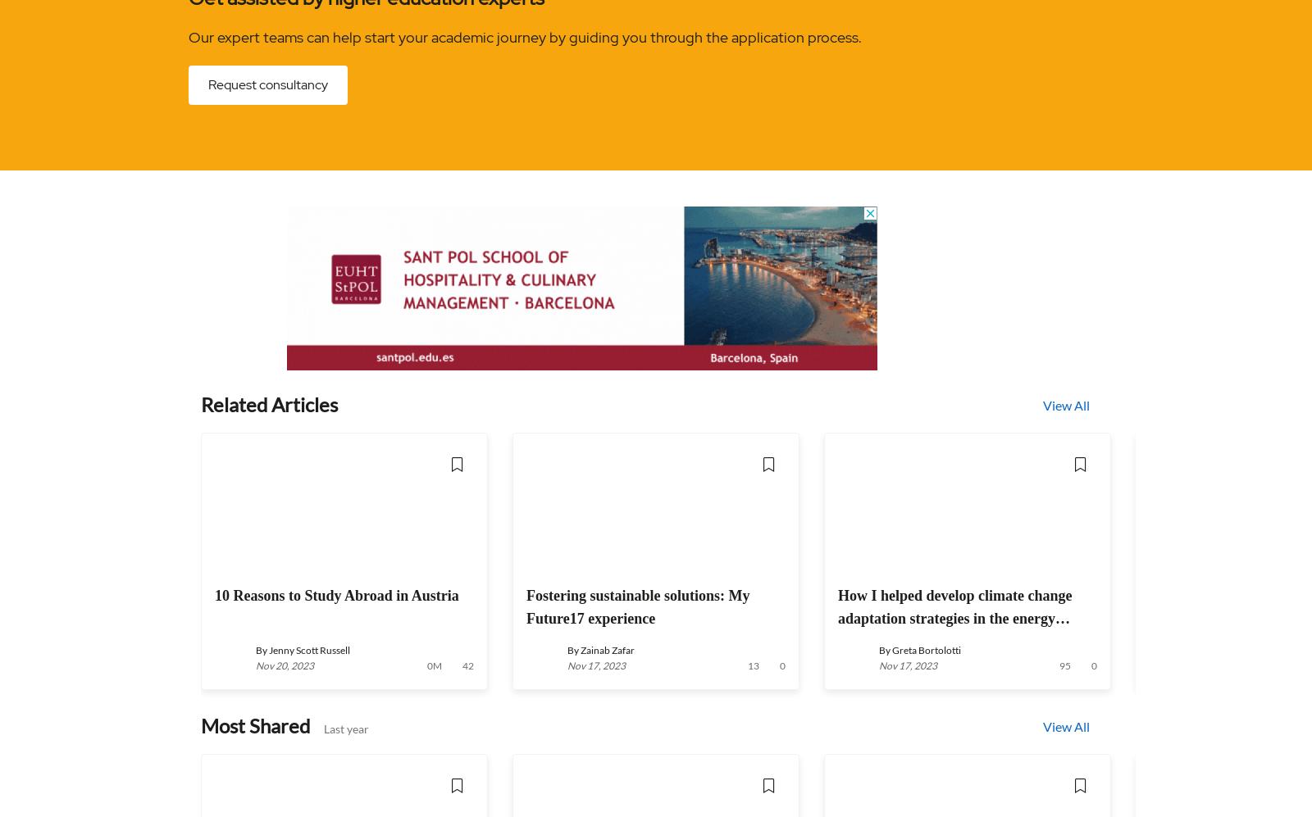 This screenshot has height=817, width=1312. What do you see at coordinates (607, 649) in the screenshot?
I see `'Zainab Zafar'` at bounding box center [607, 649].